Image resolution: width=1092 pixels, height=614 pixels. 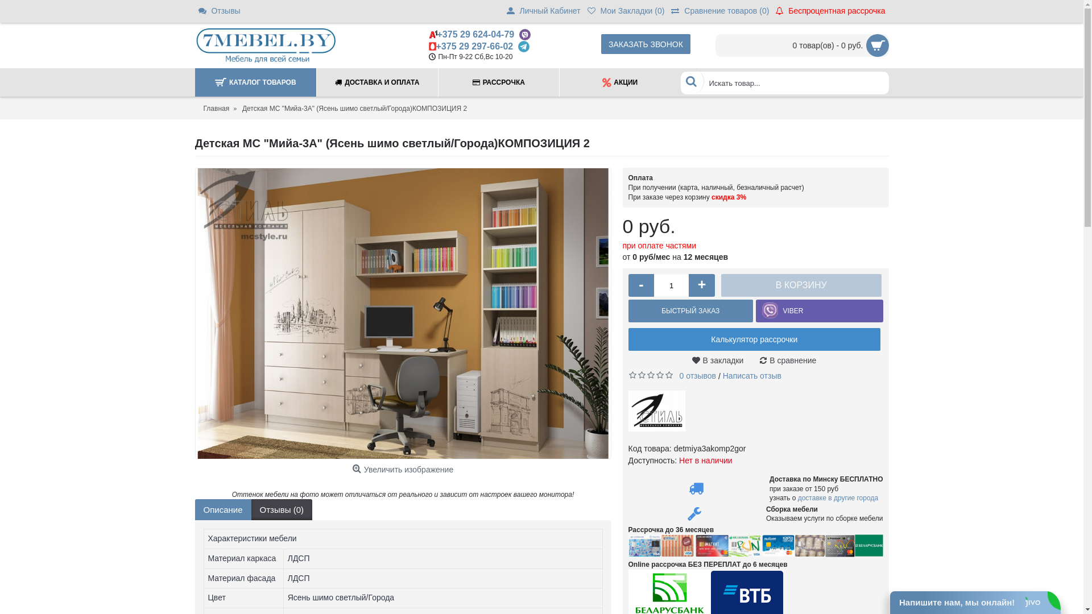 I want to click on 'VIBER', so click(x=792, y=311).